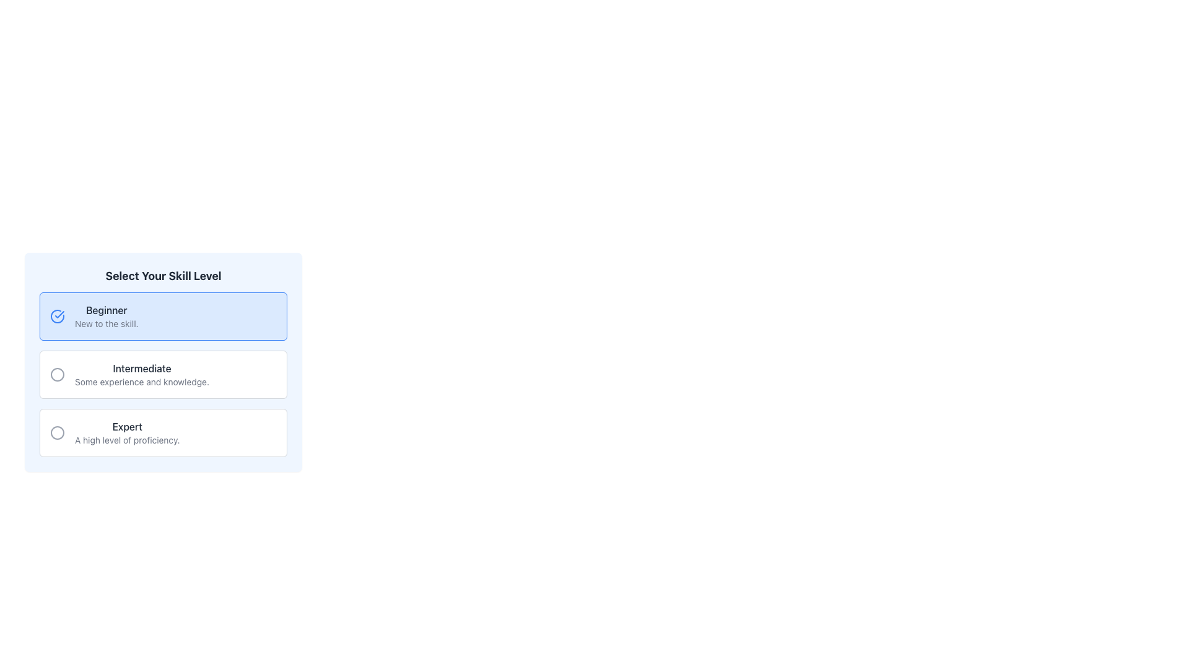 This screenshot has width=1189, height=669. What do you see at coordinates (59, 314) in the screenshot?
I see `the visual presence of the blue checkmark segment of the SVG graphic associated with the 'Beginner' skill level selection option, which is located under the 'Select Your Skill Level' section` at bounding box center [59, 314].